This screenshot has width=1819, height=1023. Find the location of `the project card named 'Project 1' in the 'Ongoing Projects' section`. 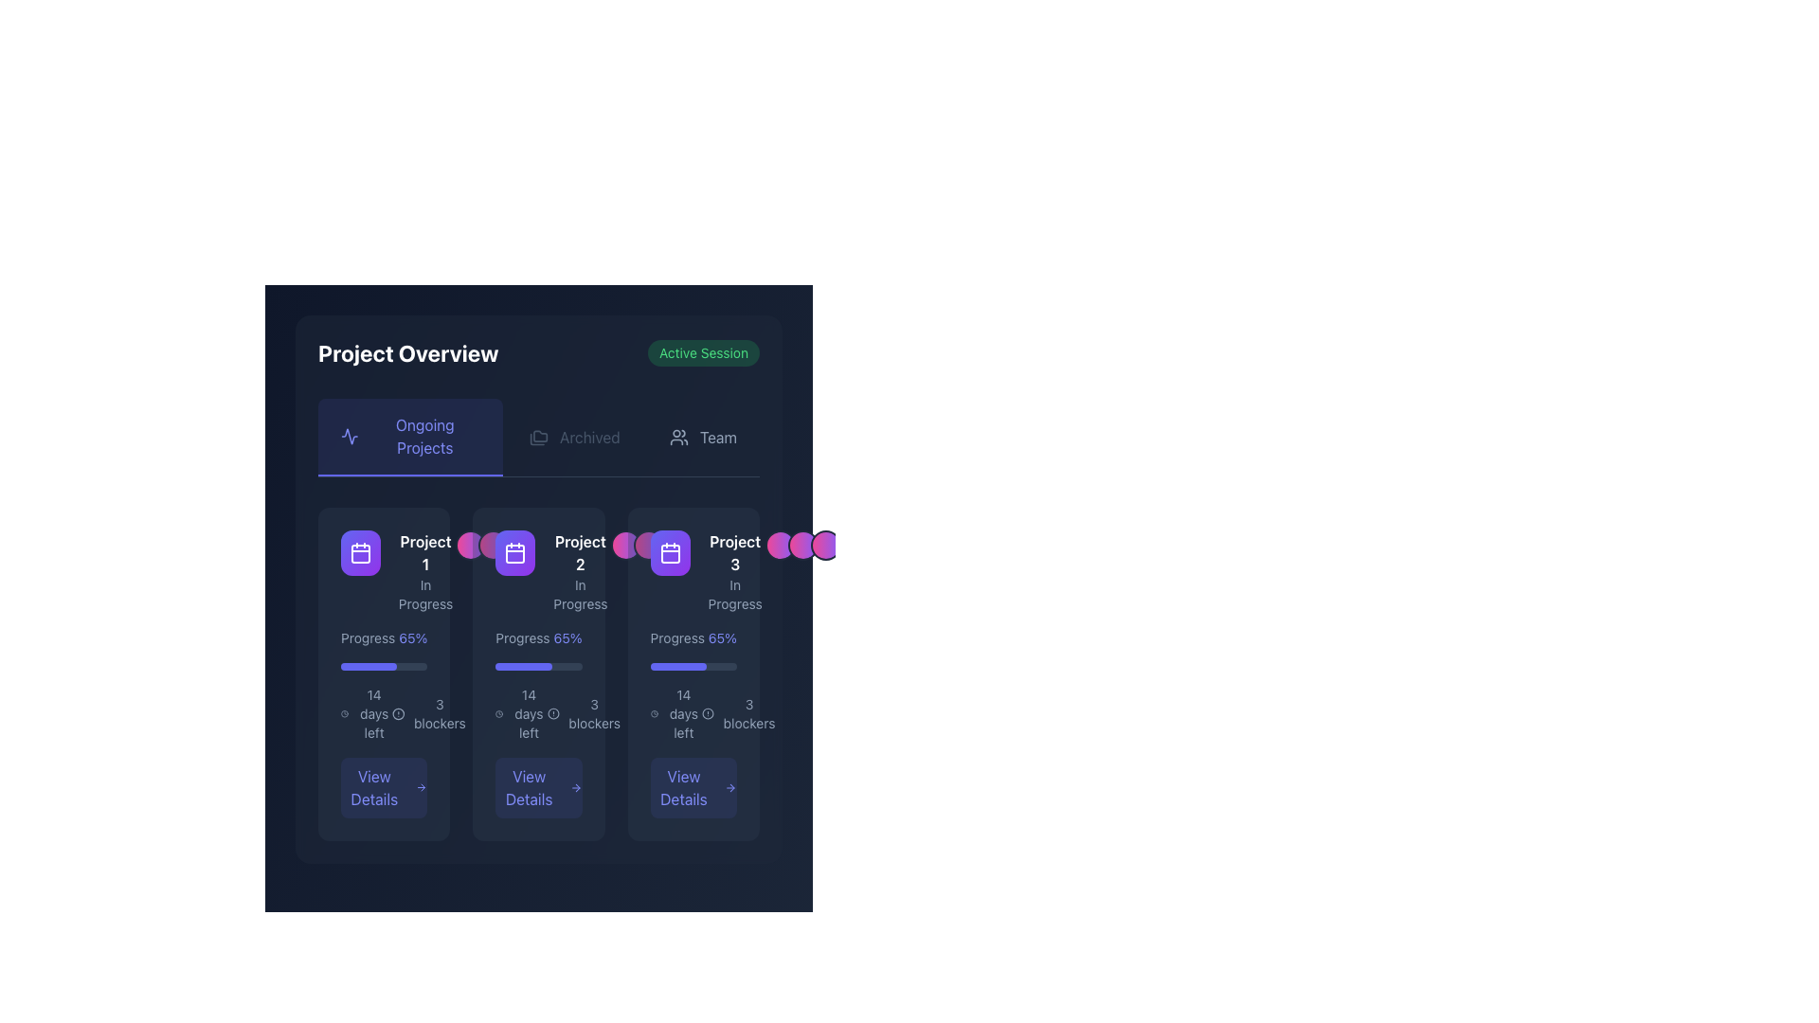

the project card named 'Project 1' in the 'Ongoing Projects' section is located at coordinates (397, 571).